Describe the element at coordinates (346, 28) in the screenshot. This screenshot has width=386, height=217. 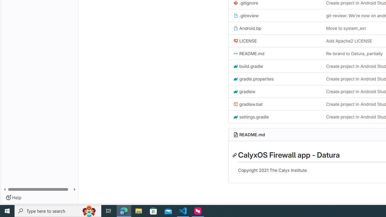
I see `'Move to system_ext'` at that location.